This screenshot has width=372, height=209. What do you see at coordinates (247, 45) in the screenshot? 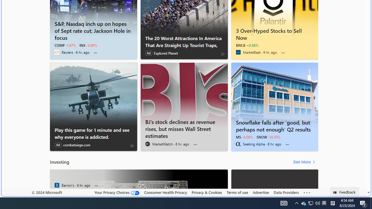
I see `'BRK.B +0.58%'` at bounding box center [247, 45].